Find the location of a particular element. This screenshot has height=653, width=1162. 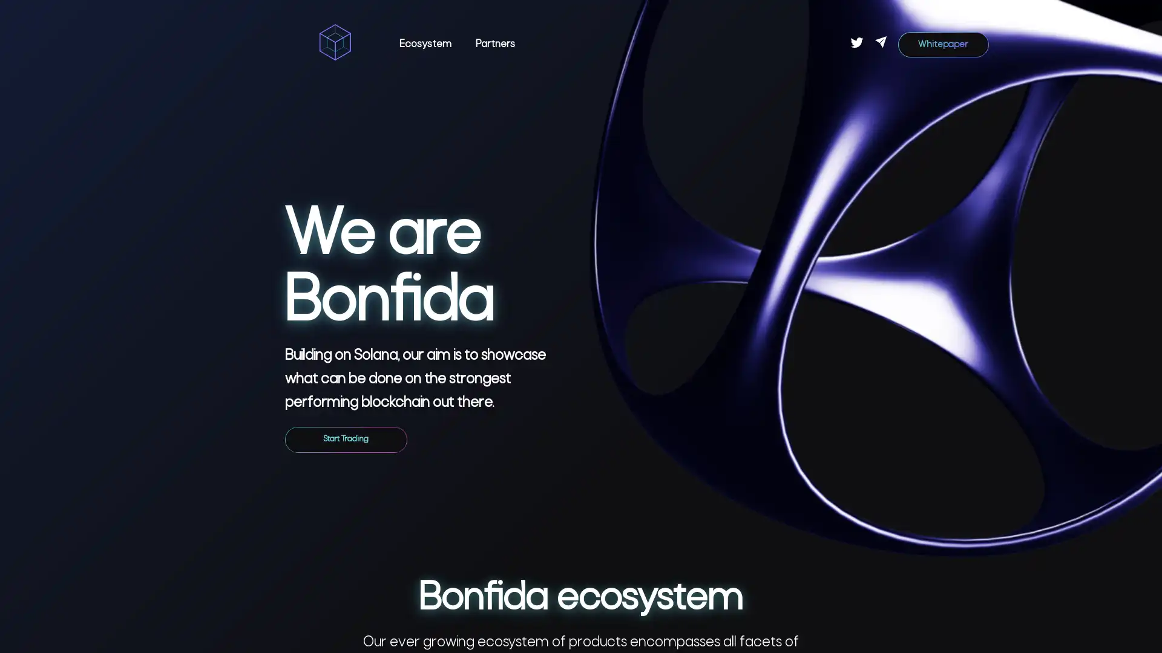

Start Trading is located at coordinates (345, 439).